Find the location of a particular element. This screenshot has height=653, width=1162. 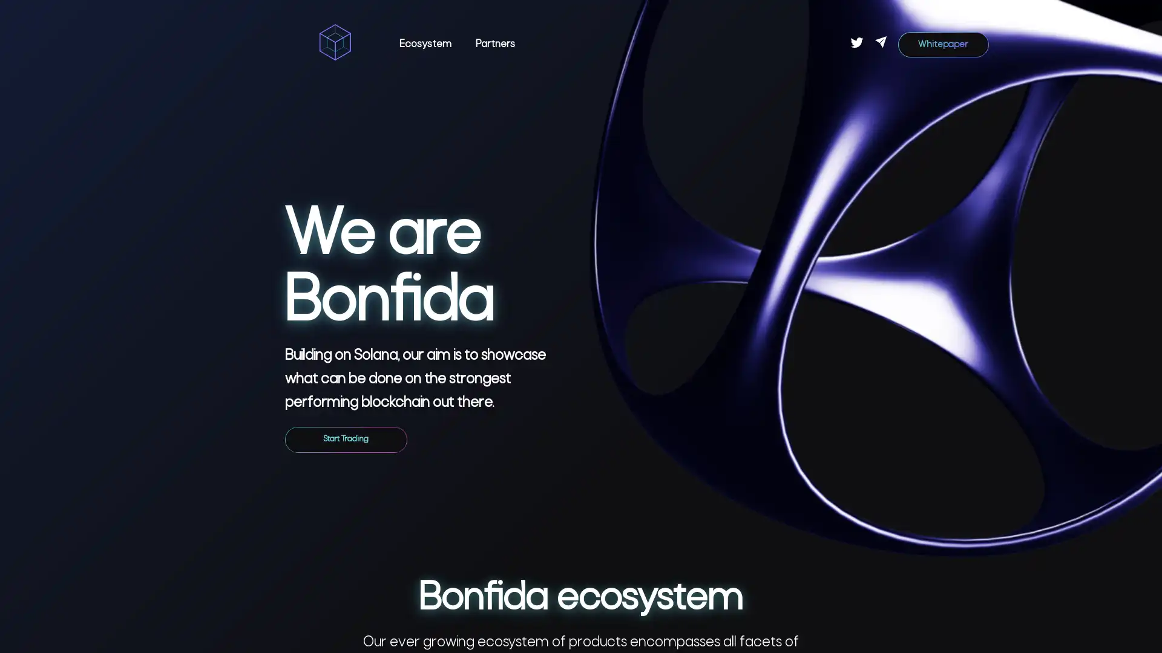

Start Trading is located at coordinates (345, 439).